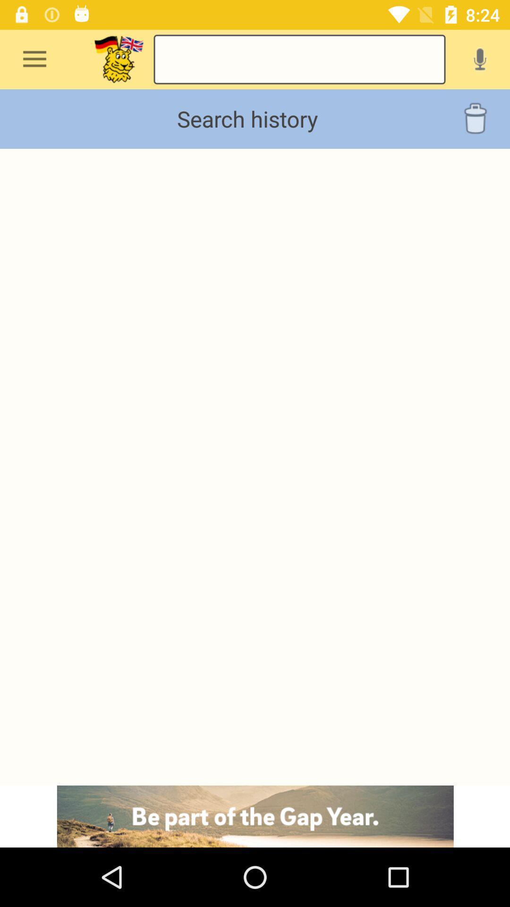 This screenshot has height=907, width=510. I want to click on voice message, so click(480, 59).